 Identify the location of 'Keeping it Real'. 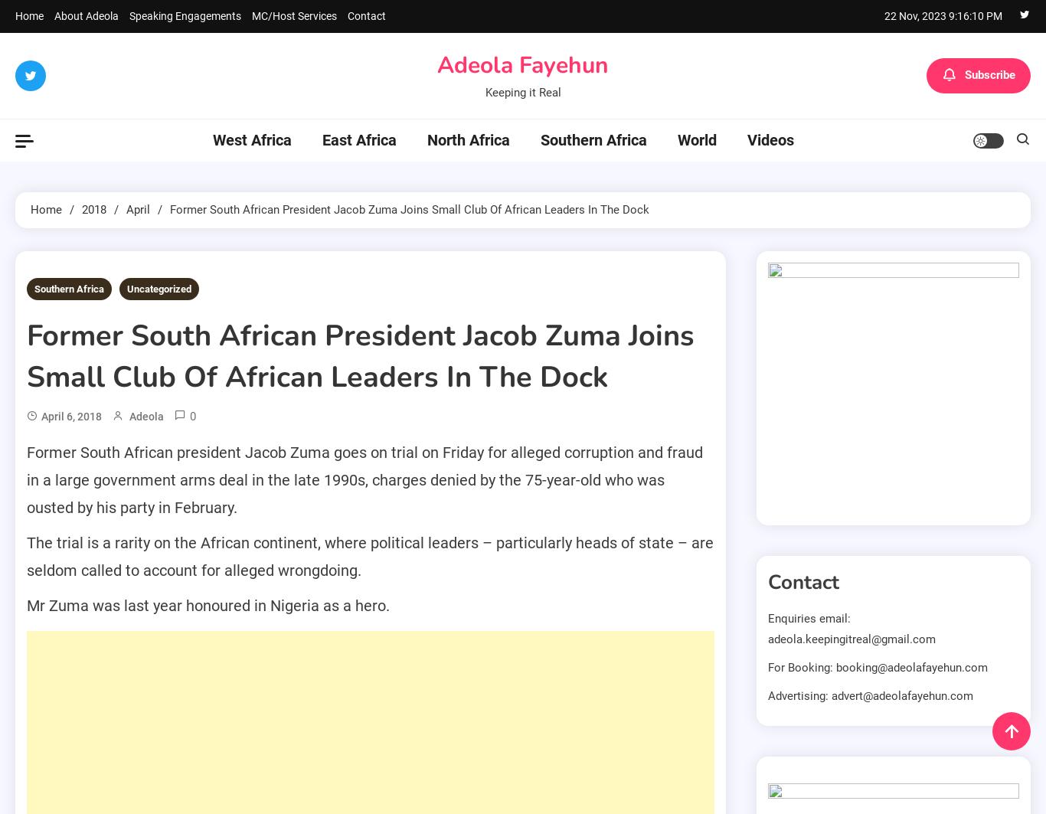
(521, 92).